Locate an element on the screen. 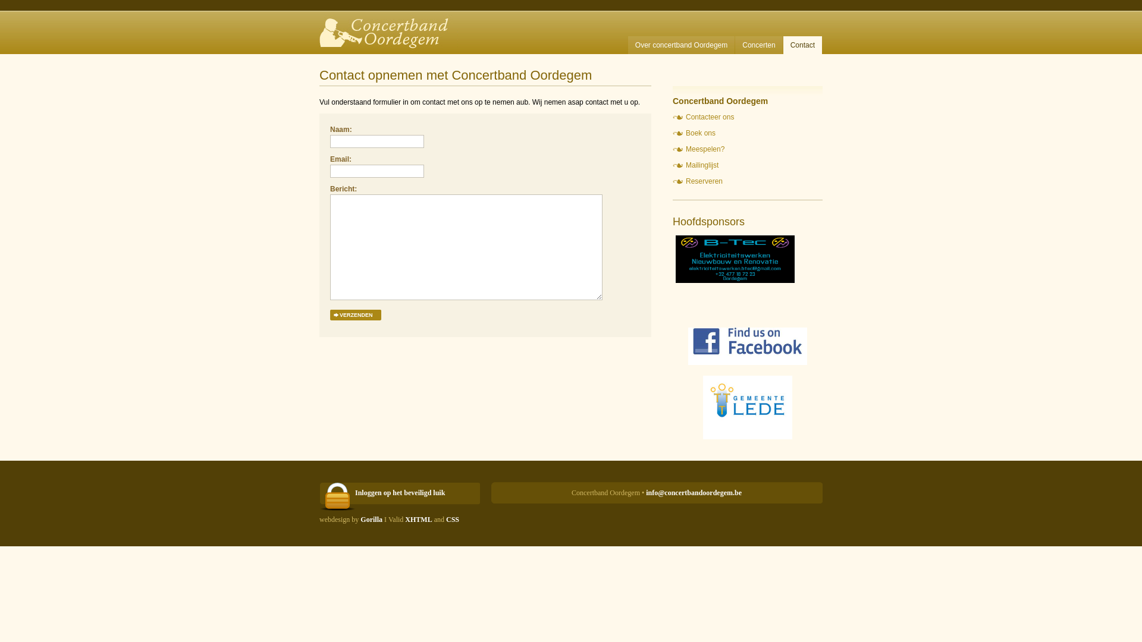 The height and width of the screenshot is (642, 1142). 'Concerten' is located at coordinates (758, 45).